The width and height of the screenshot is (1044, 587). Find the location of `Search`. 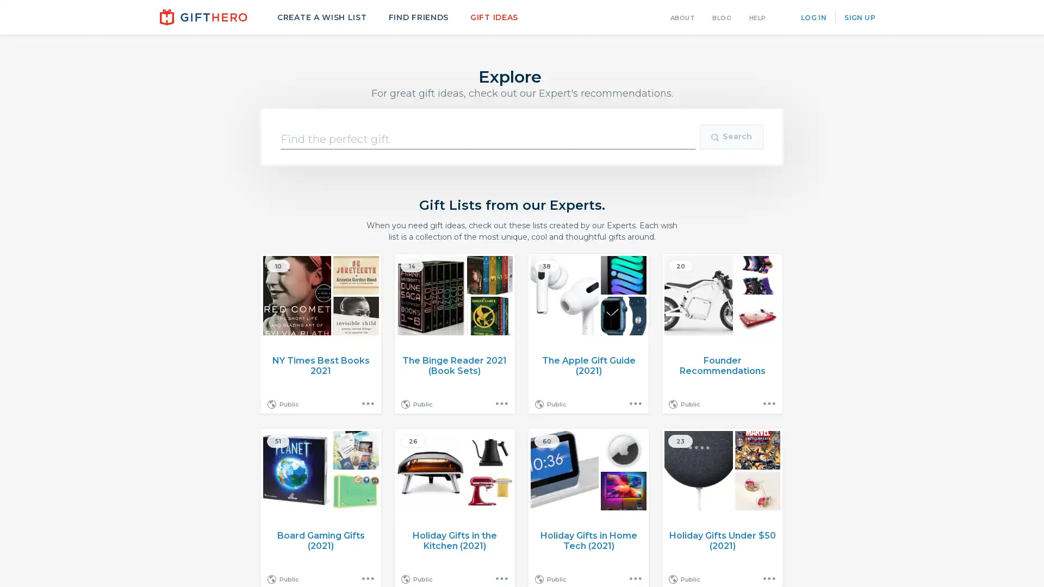

Search is located at coordinates (731, 136).